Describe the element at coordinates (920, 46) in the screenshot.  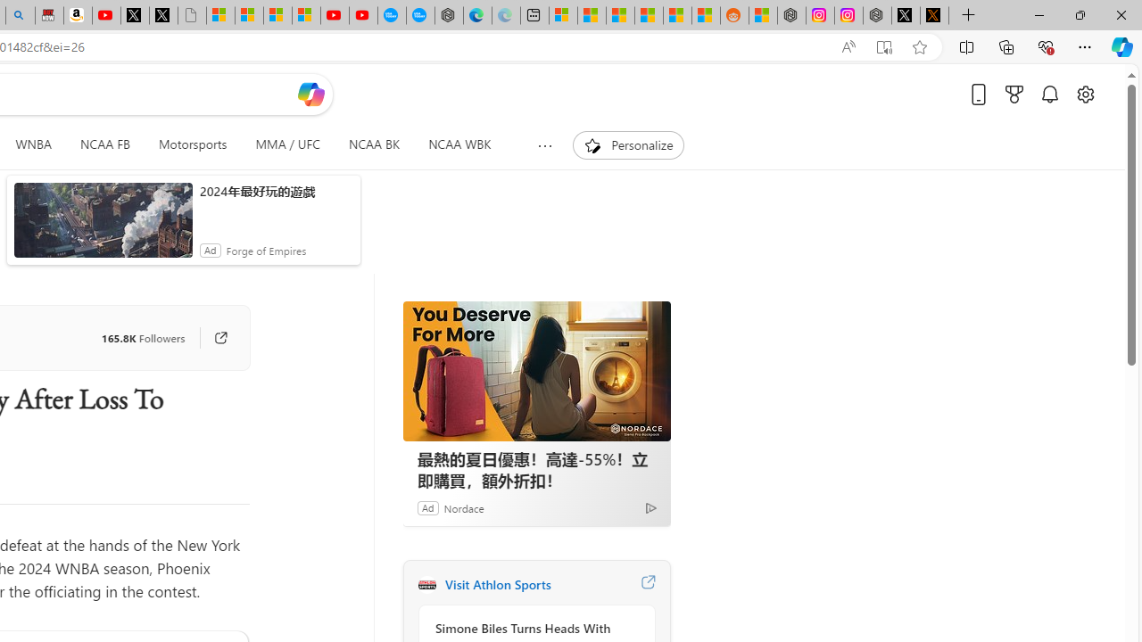
I see `'Add this page to favorites (Ctrl+D)'` at that location.